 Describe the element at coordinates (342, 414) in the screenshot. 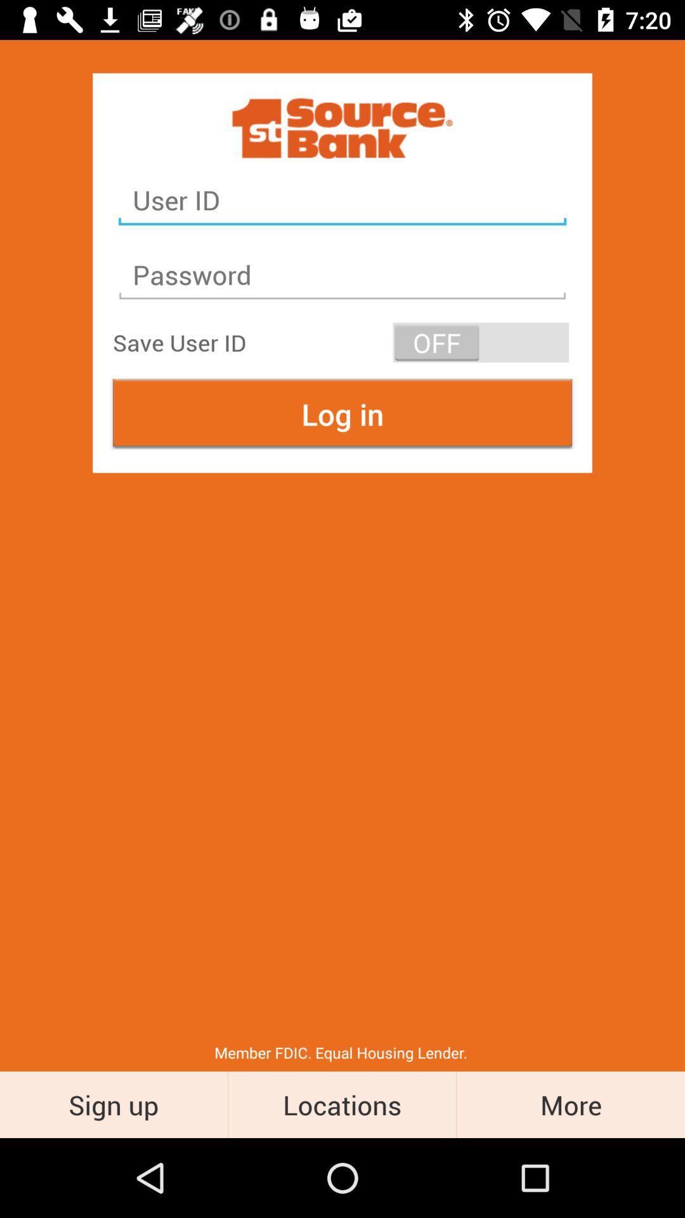

I see `the item above member fdic equal` at that location.